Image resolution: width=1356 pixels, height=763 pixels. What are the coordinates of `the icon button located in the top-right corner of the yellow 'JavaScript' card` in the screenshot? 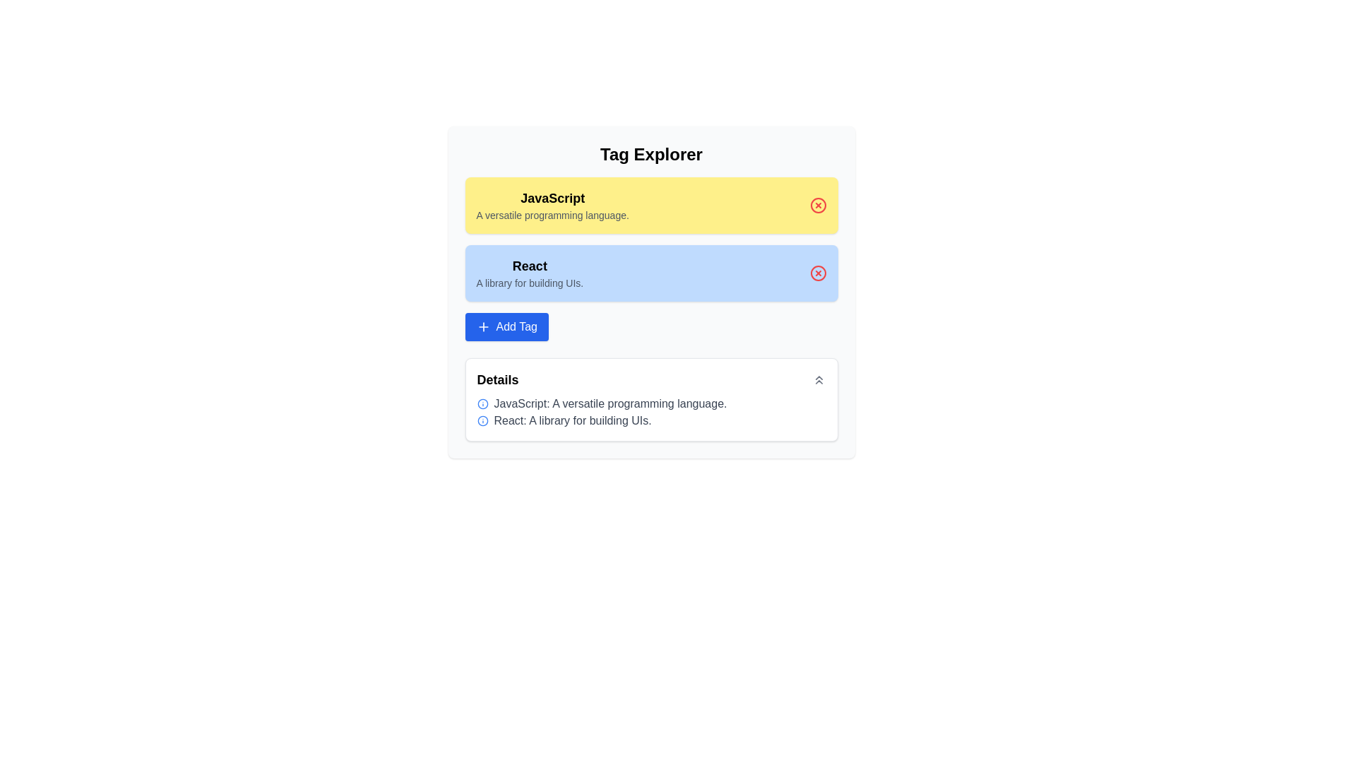 It's located at (818, 205).